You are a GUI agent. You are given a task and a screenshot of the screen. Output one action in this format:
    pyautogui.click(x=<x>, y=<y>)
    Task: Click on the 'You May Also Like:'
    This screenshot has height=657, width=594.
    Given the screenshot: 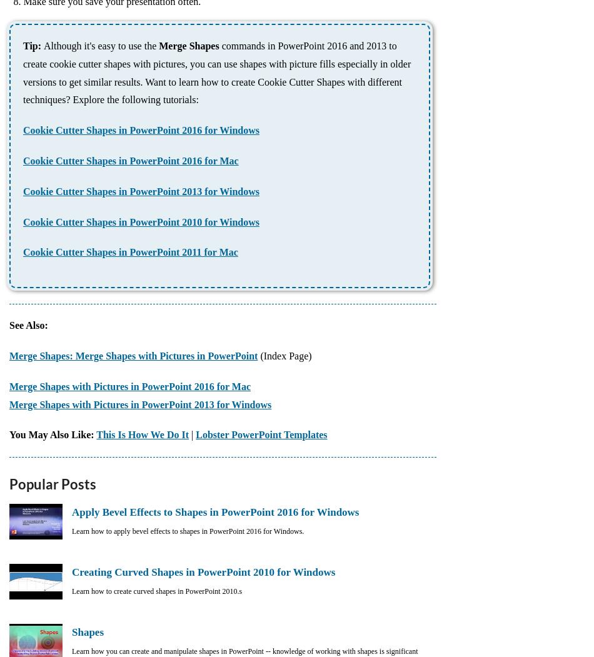 What is the action you would take?
    pyautogui.click(x=53, y=434)
    